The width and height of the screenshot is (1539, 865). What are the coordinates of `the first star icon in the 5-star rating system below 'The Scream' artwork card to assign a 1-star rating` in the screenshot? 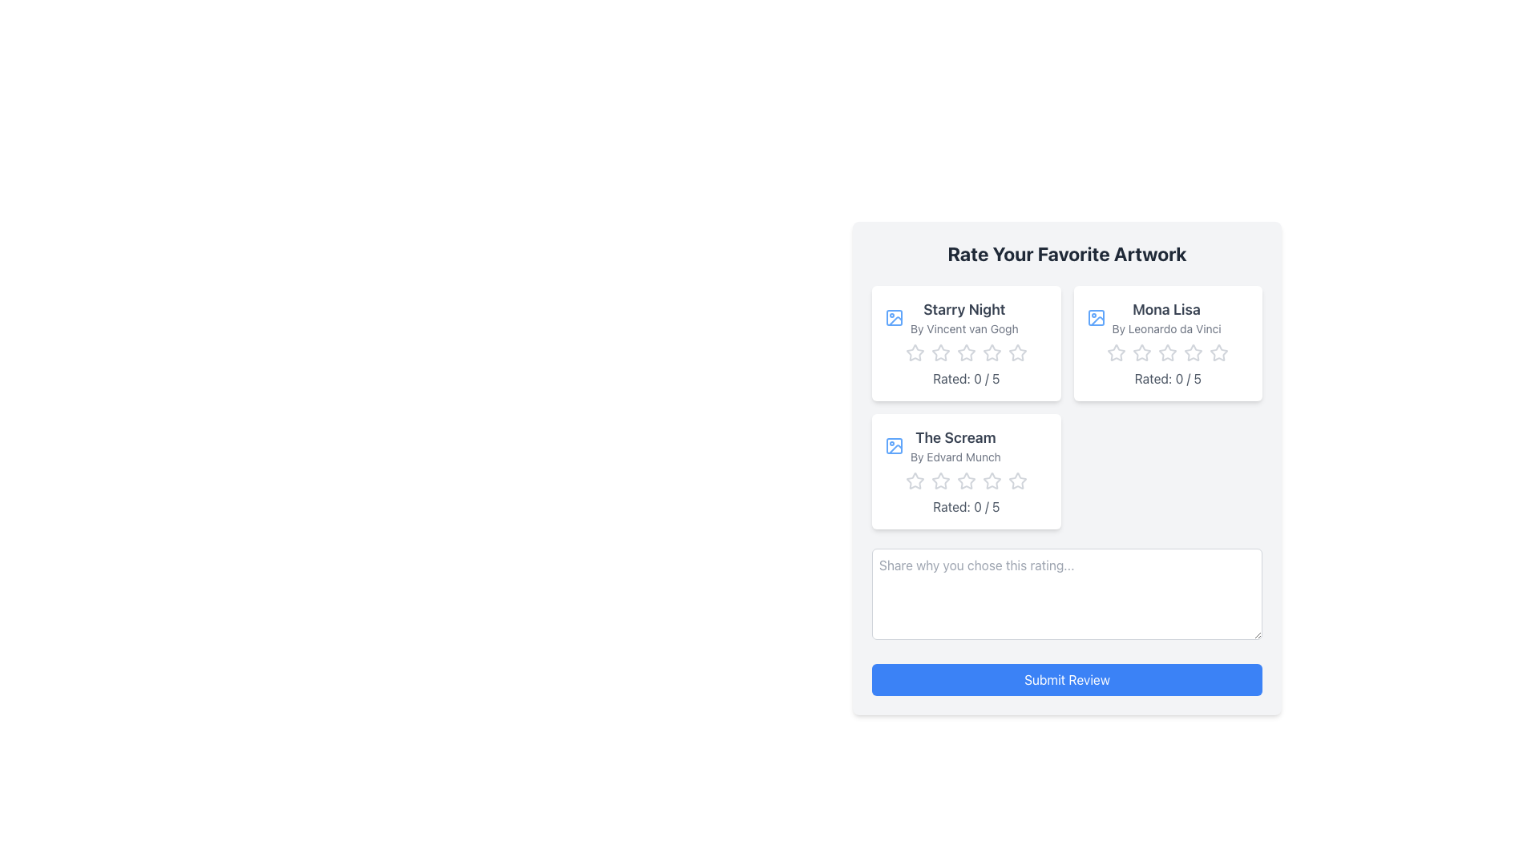 It's located at (915, 481).